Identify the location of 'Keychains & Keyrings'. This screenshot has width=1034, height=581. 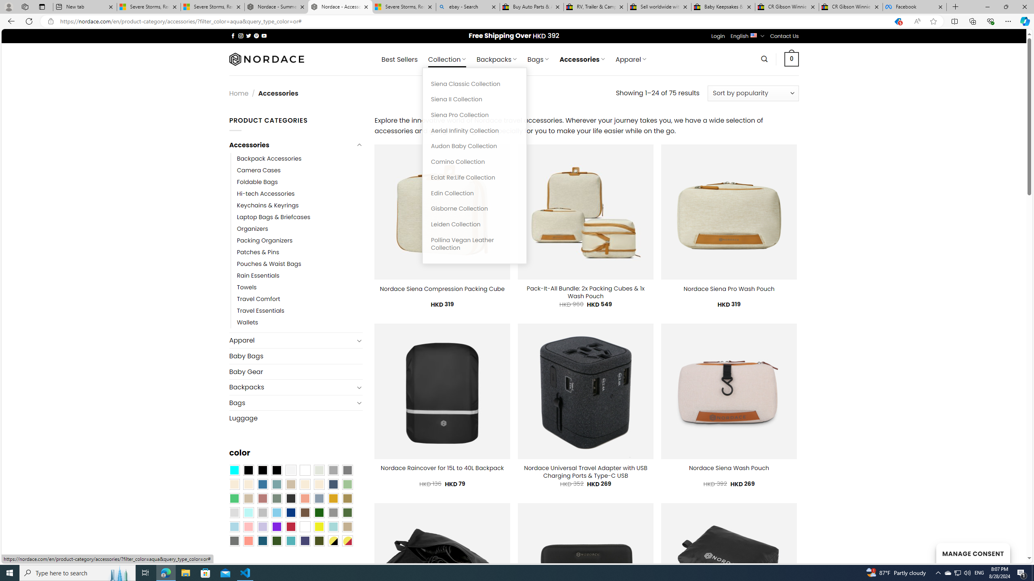
(299, 205).